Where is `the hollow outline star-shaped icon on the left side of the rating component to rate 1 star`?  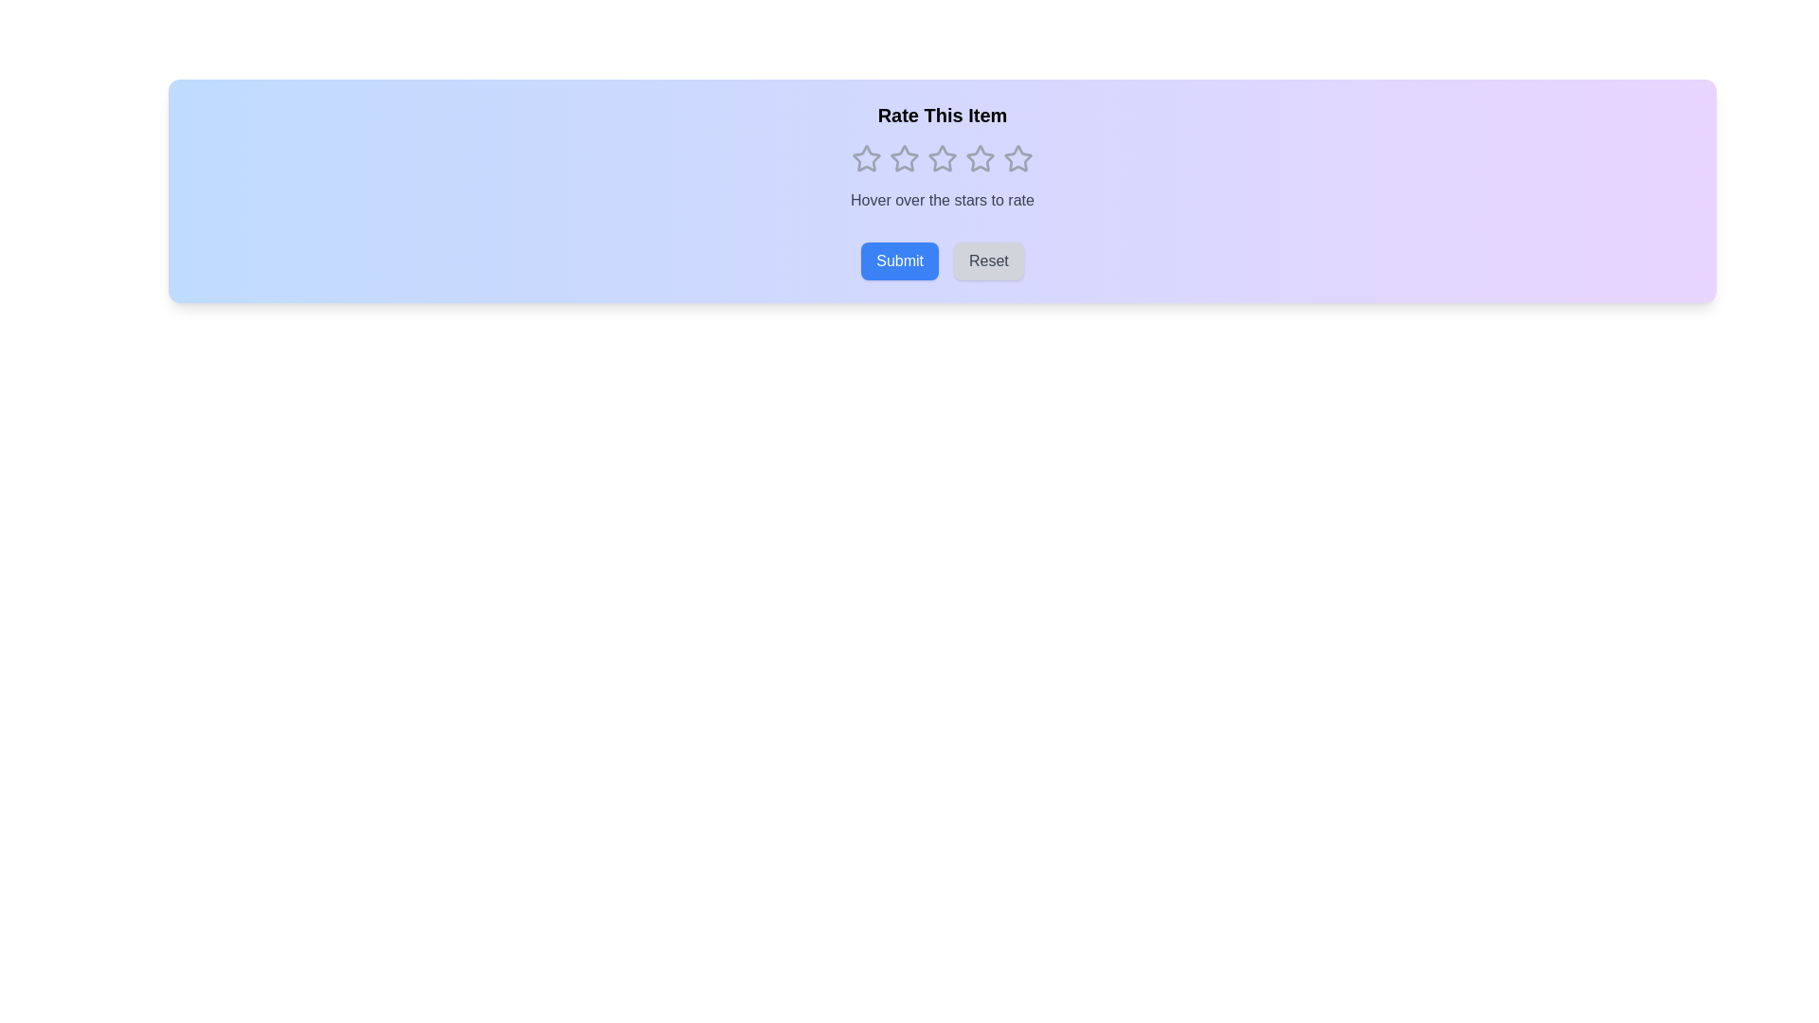 the hollow outline star-shaped icon on the left side of the rating component to rate 1 star is located at coordinates (866, 158).